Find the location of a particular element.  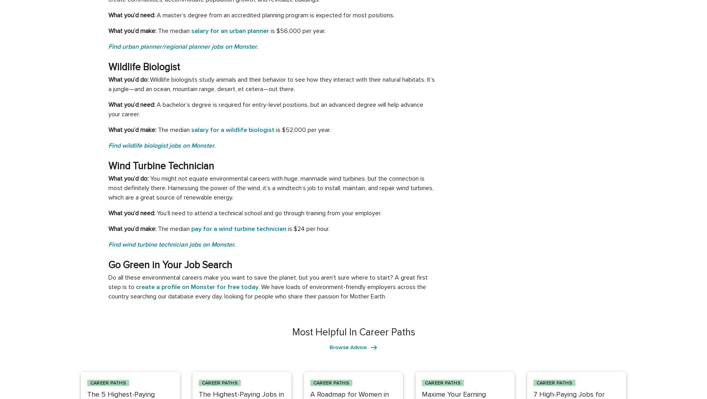

'salary for a wildlife biologist' is located at coordinates (191, 130).